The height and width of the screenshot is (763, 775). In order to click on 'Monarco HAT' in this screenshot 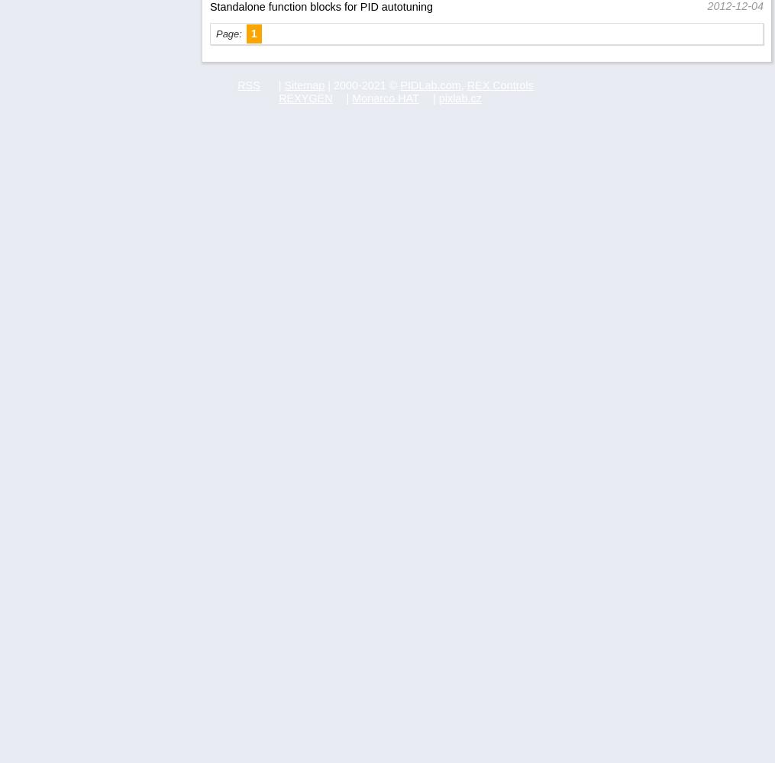, I will do `click(384, 98)`.